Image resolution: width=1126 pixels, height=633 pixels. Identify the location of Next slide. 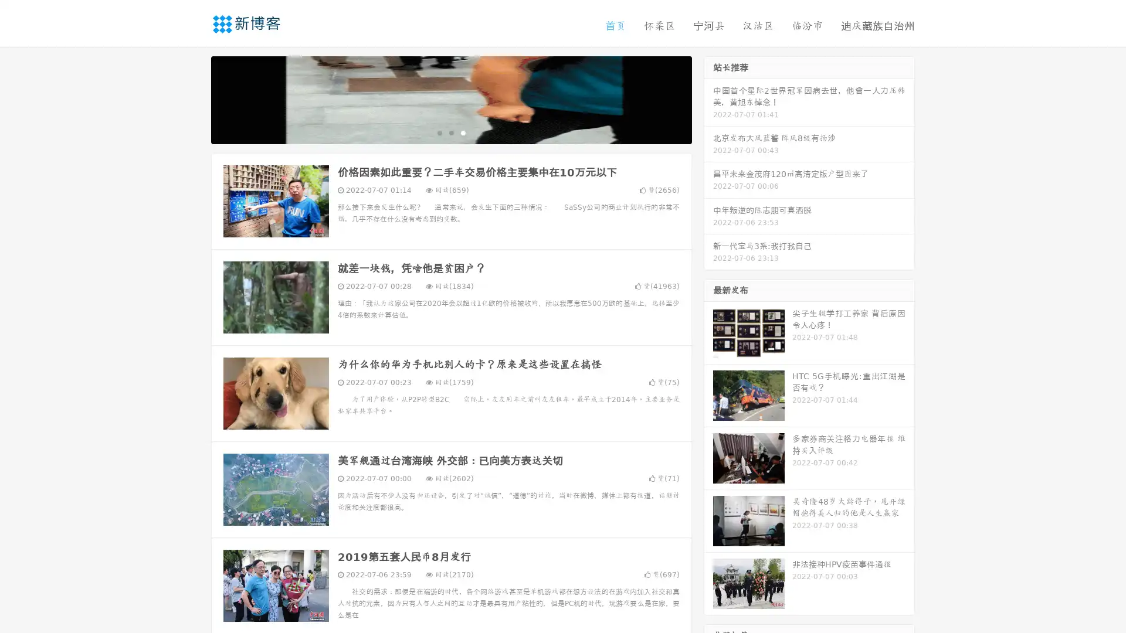
(708, 98).